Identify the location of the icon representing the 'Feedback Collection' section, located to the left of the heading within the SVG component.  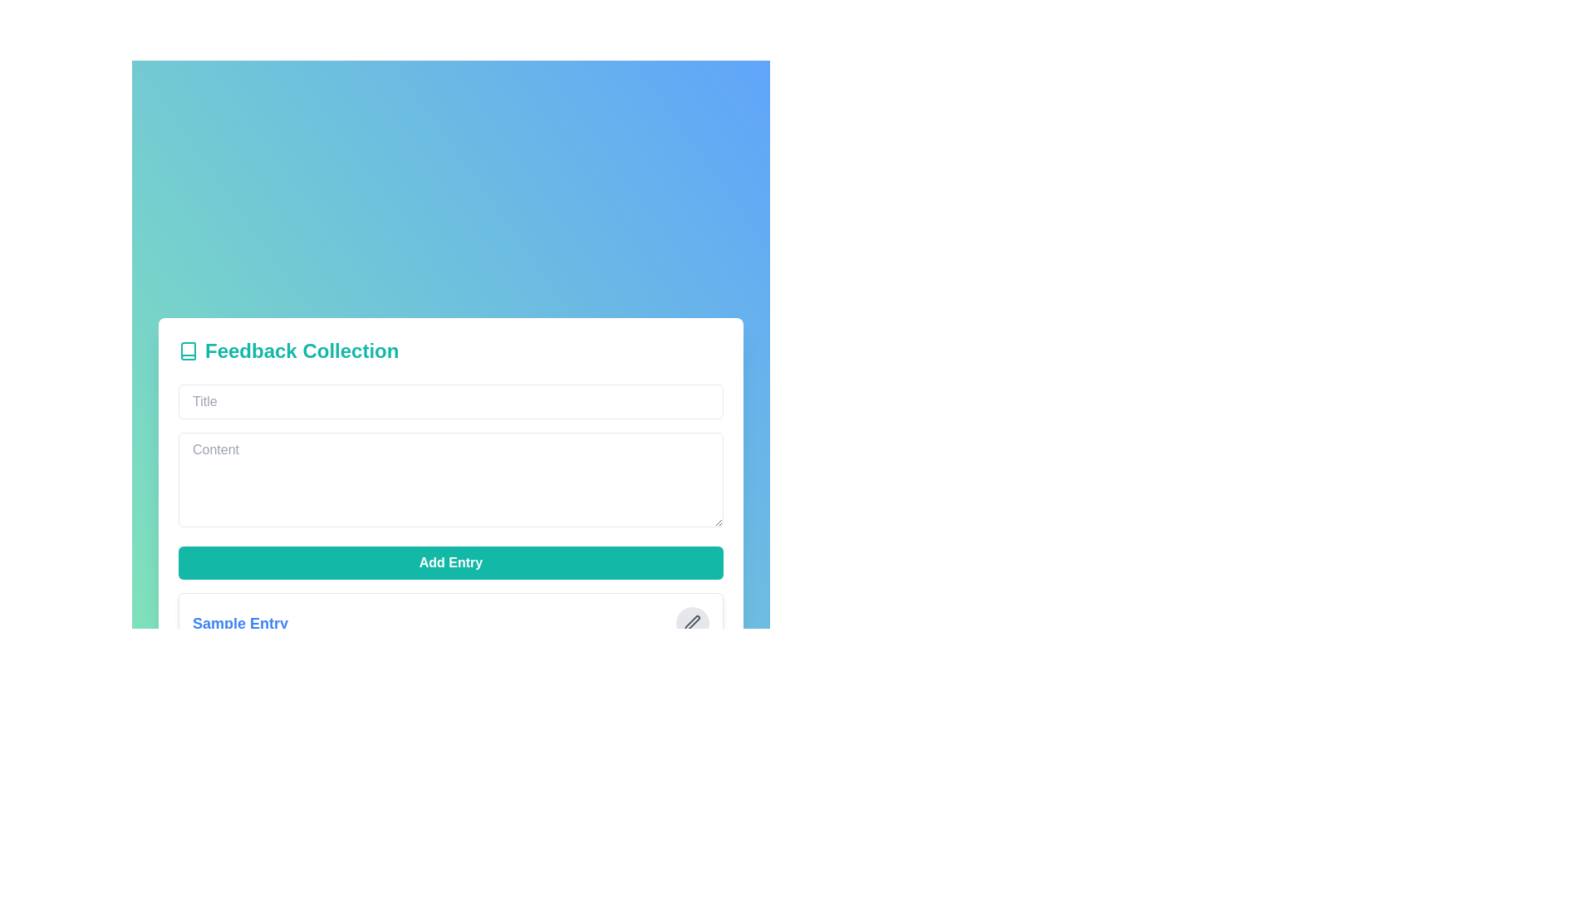
(188, 350).